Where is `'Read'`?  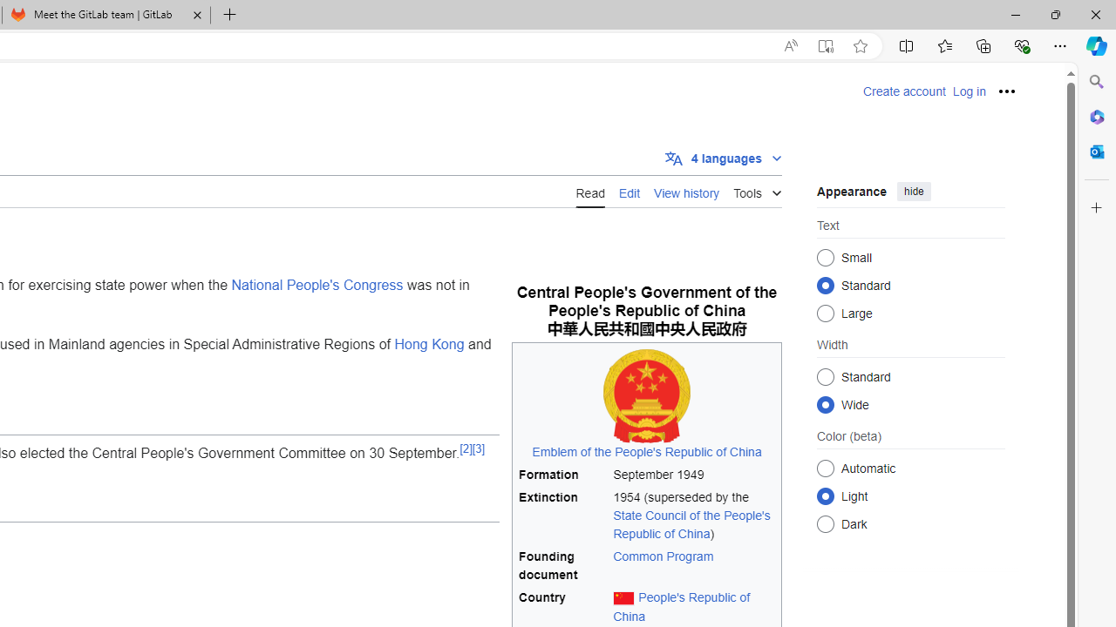 'Read' is located at coordinates (590, 191).